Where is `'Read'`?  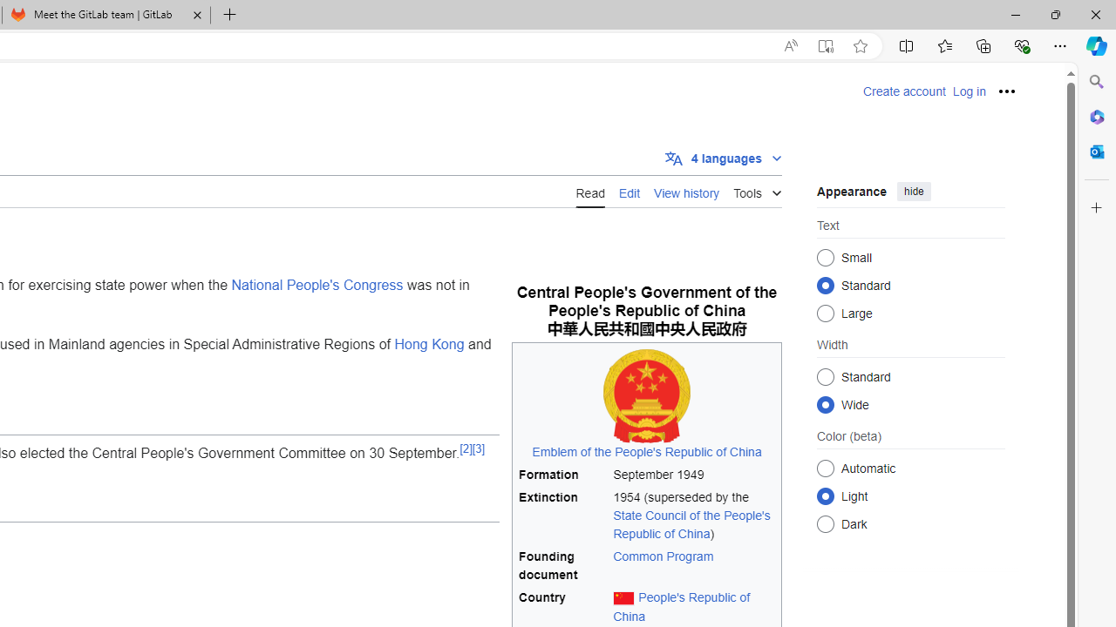 'Read' is located at coordinates (590, 191).